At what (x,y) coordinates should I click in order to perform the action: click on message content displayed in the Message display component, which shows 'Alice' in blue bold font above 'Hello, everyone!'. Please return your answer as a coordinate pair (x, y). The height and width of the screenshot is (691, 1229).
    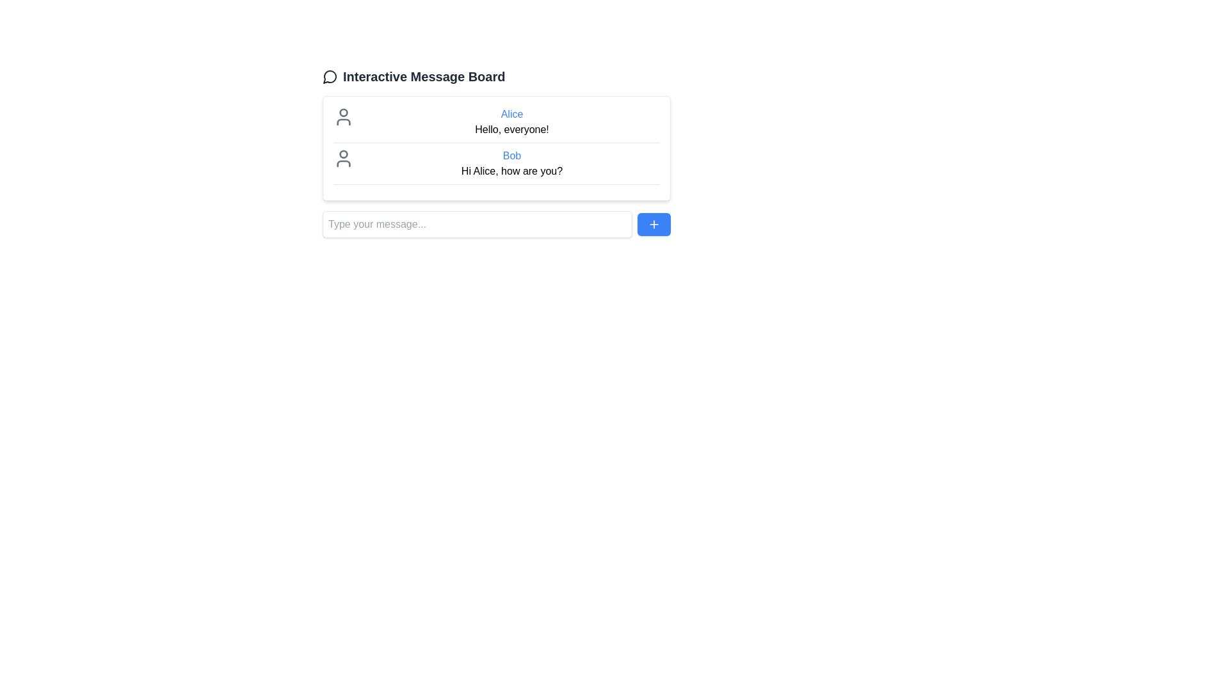
    Looking at the image, I should click on (512, 122).